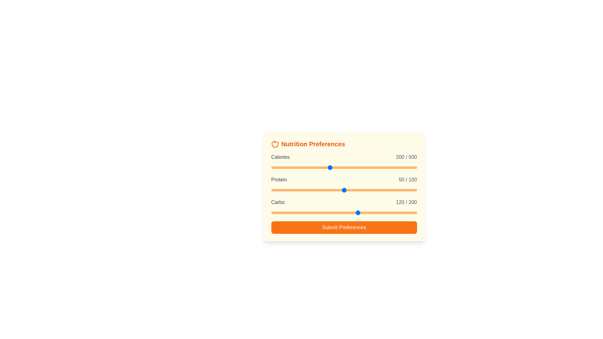  I want to click on the caloric value, so click(345, 167).